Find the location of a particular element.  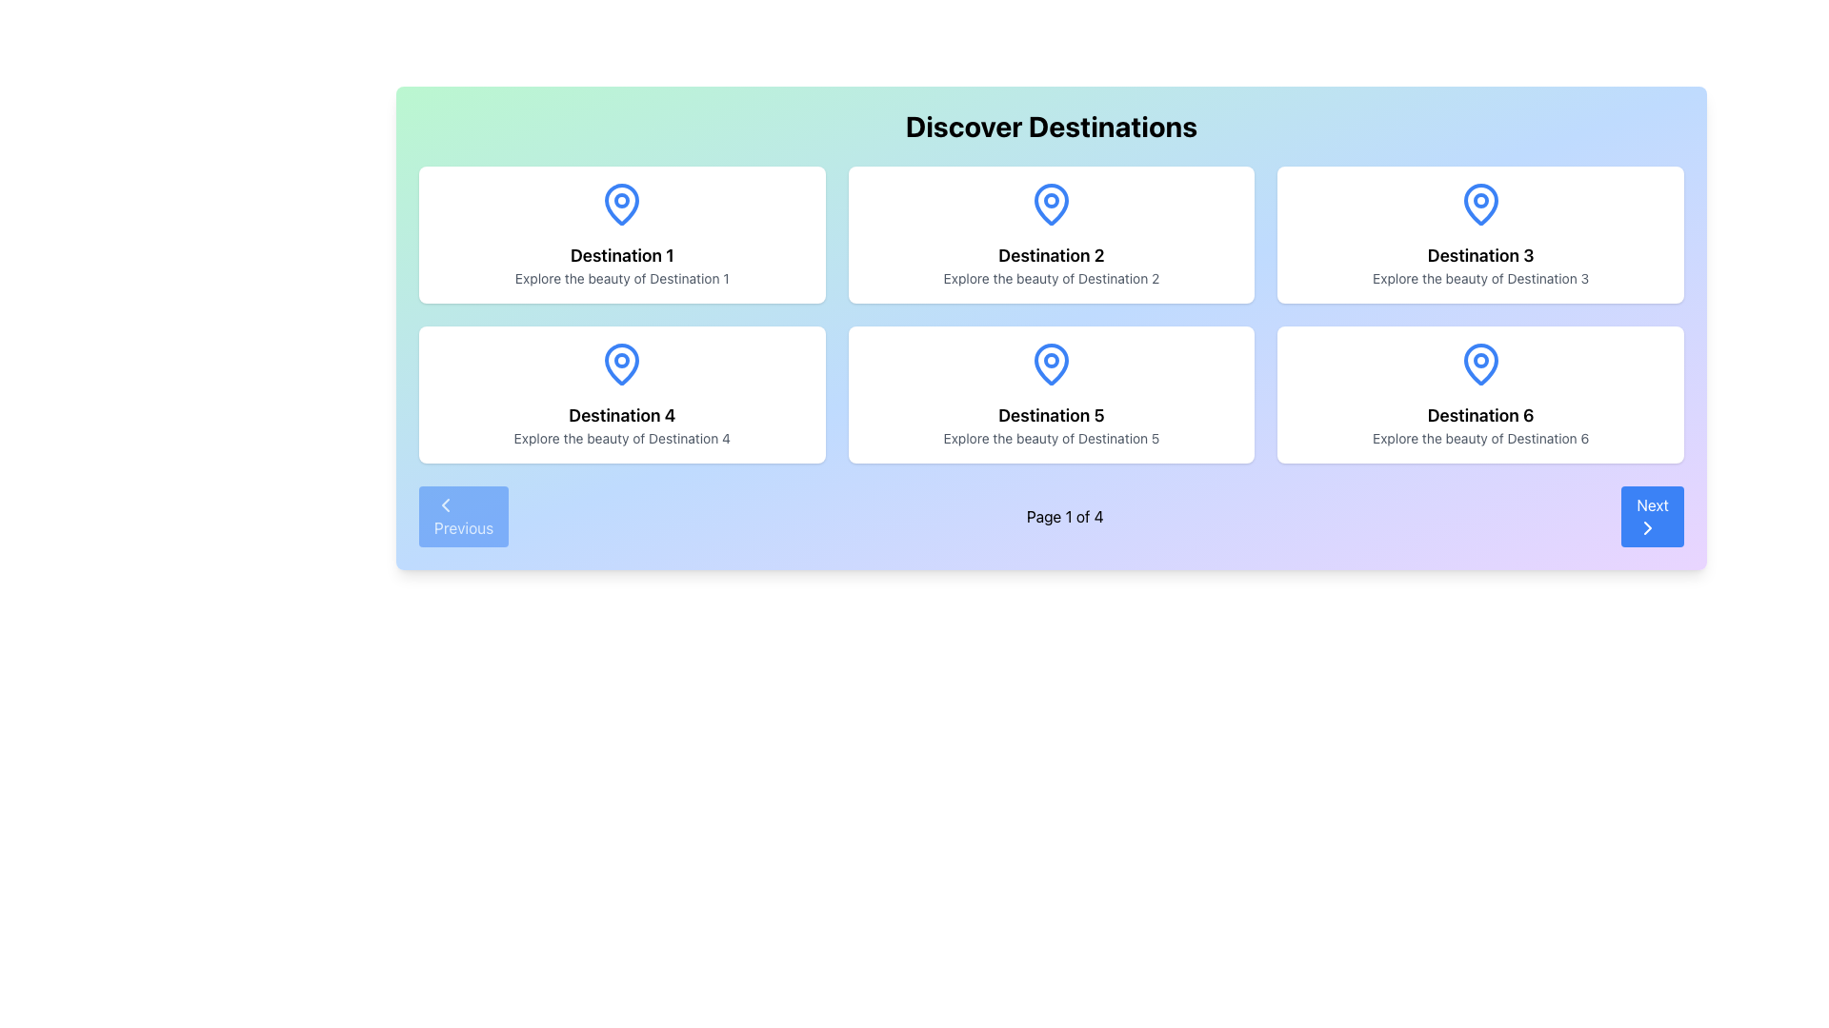

the blue rectangular button labeled 'Next' with a right-pointing chevron icon is located at coordinates (1652, 517).